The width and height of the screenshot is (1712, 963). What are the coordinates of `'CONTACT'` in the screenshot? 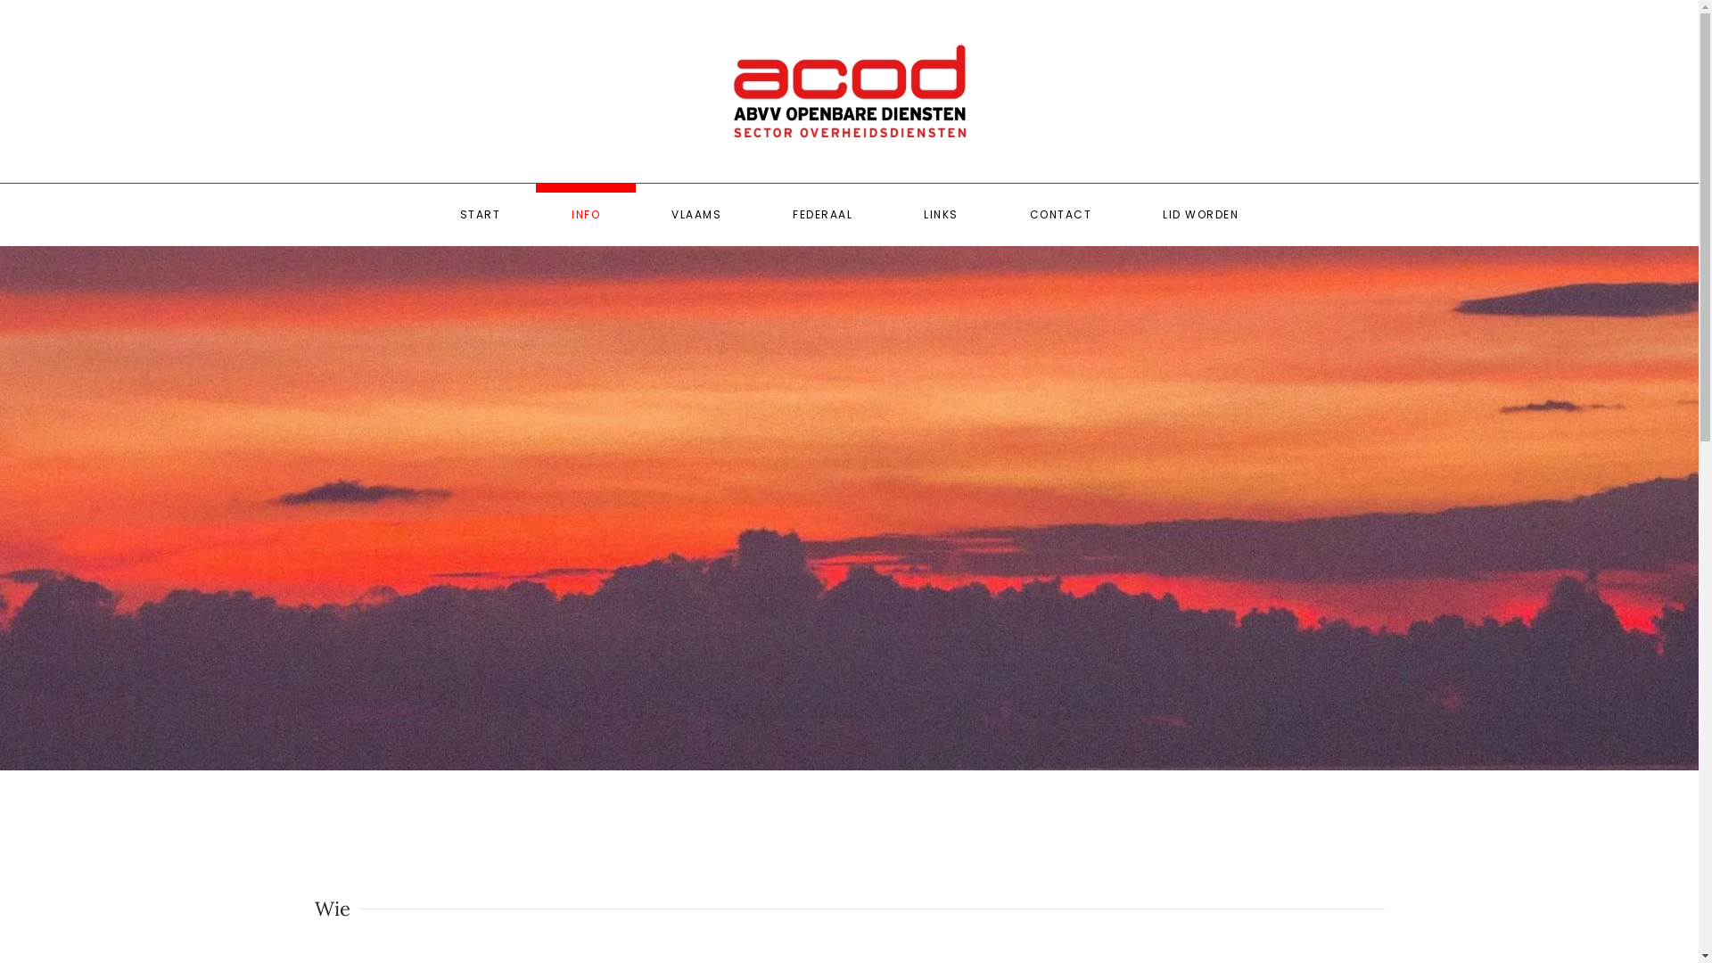 It's located at (992, 213).